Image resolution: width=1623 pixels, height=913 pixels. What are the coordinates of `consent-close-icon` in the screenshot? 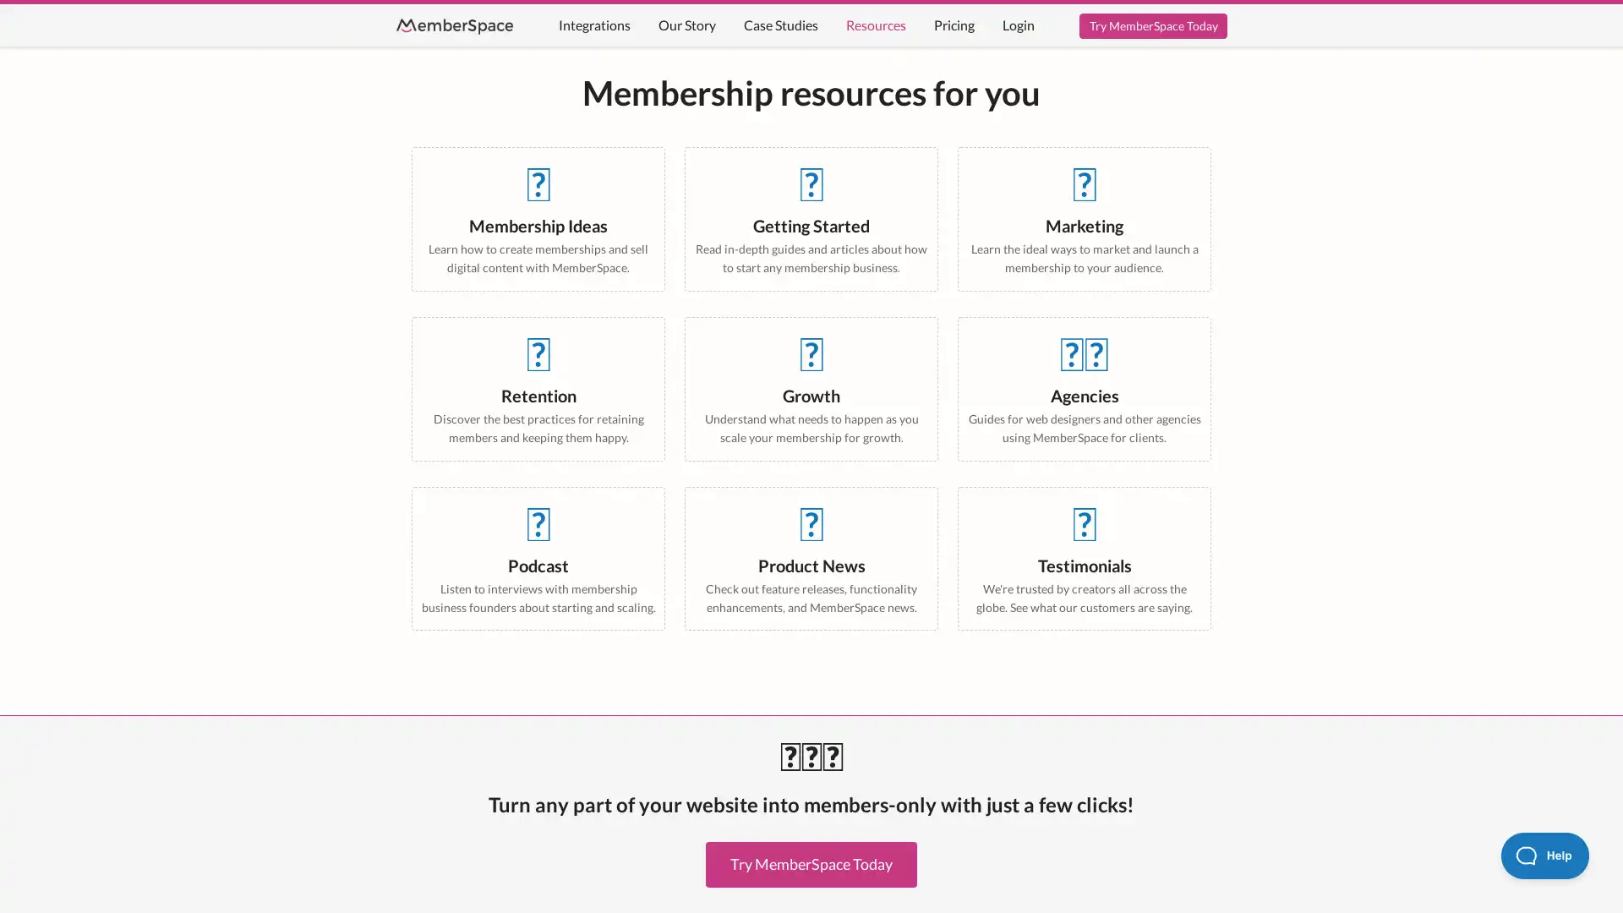 It's located at (398, 658).